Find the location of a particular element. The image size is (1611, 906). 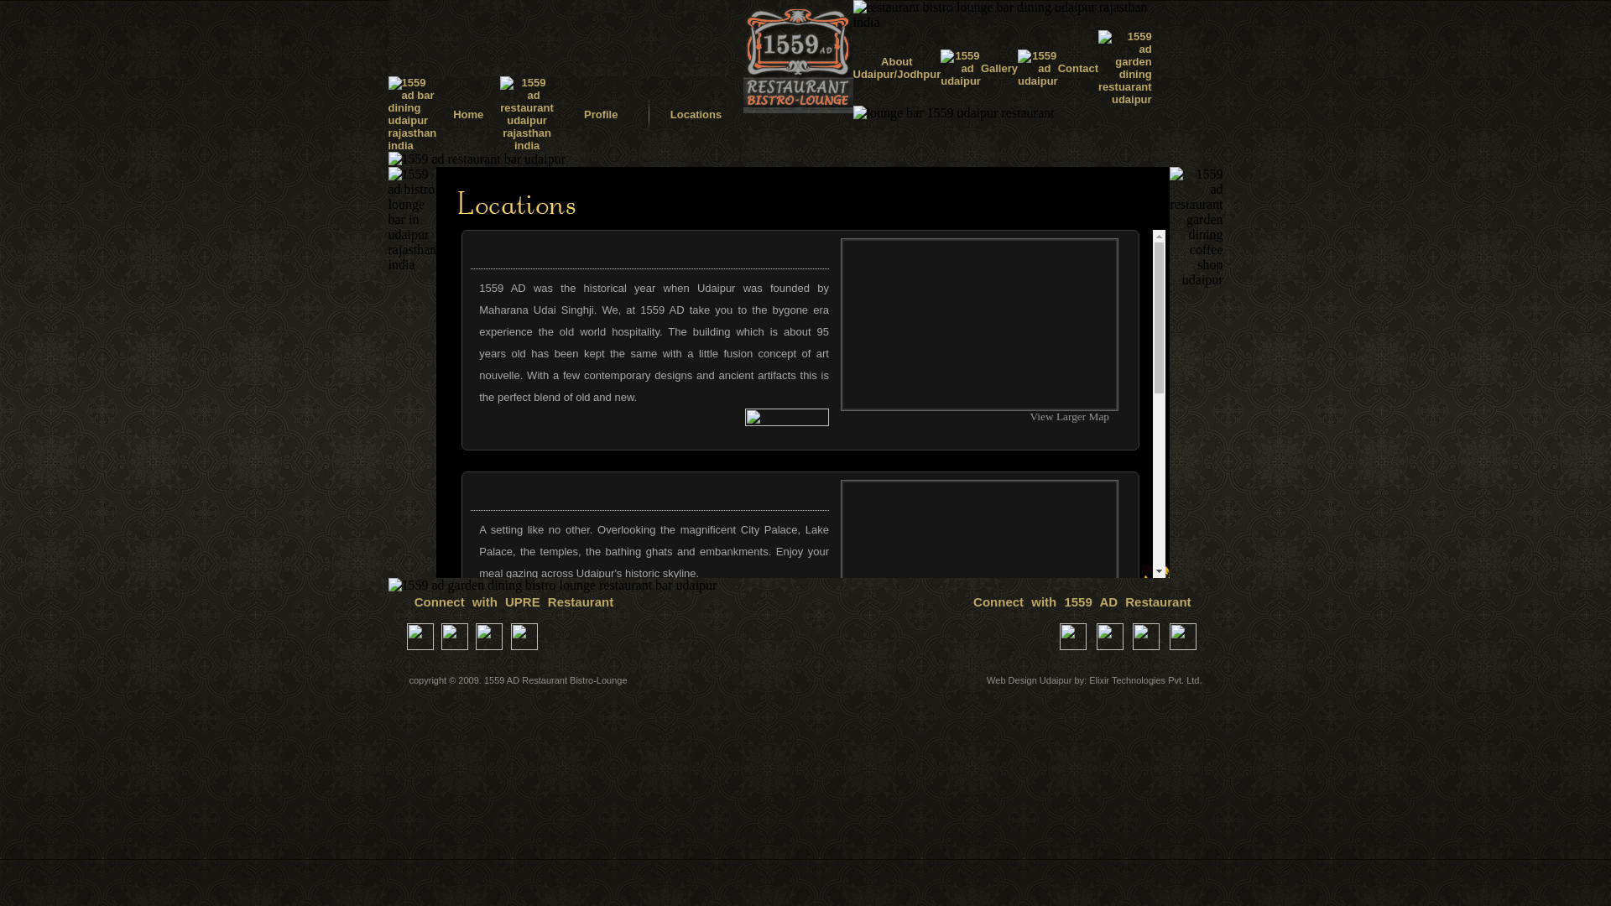

'Home' is located at coordinates (452, 113).